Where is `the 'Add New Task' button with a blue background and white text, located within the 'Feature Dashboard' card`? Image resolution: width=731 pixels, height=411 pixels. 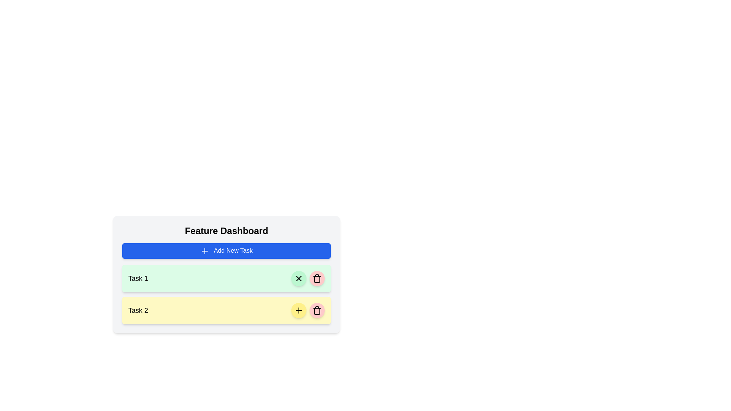 the 'Add New Task' button with a blue background and white text, located within the 'Feature Dashboard' card is located at coordinates (226, 251).